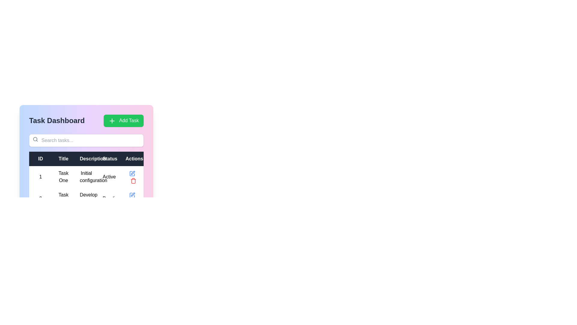 This screenshot has width=577, height=325. What do you see at coordinates (35, 139) in the screenshot?
I see `the circular magnifying glass icon on the left side of the search bar, which indicates the search functionality for tasks` at bounding box center [35, 139].